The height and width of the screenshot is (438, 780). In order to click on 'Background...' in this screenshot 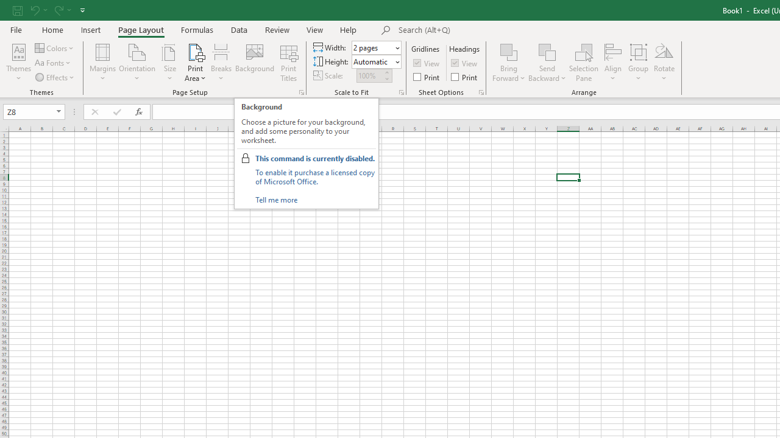, I will do `click(254, 63)`.